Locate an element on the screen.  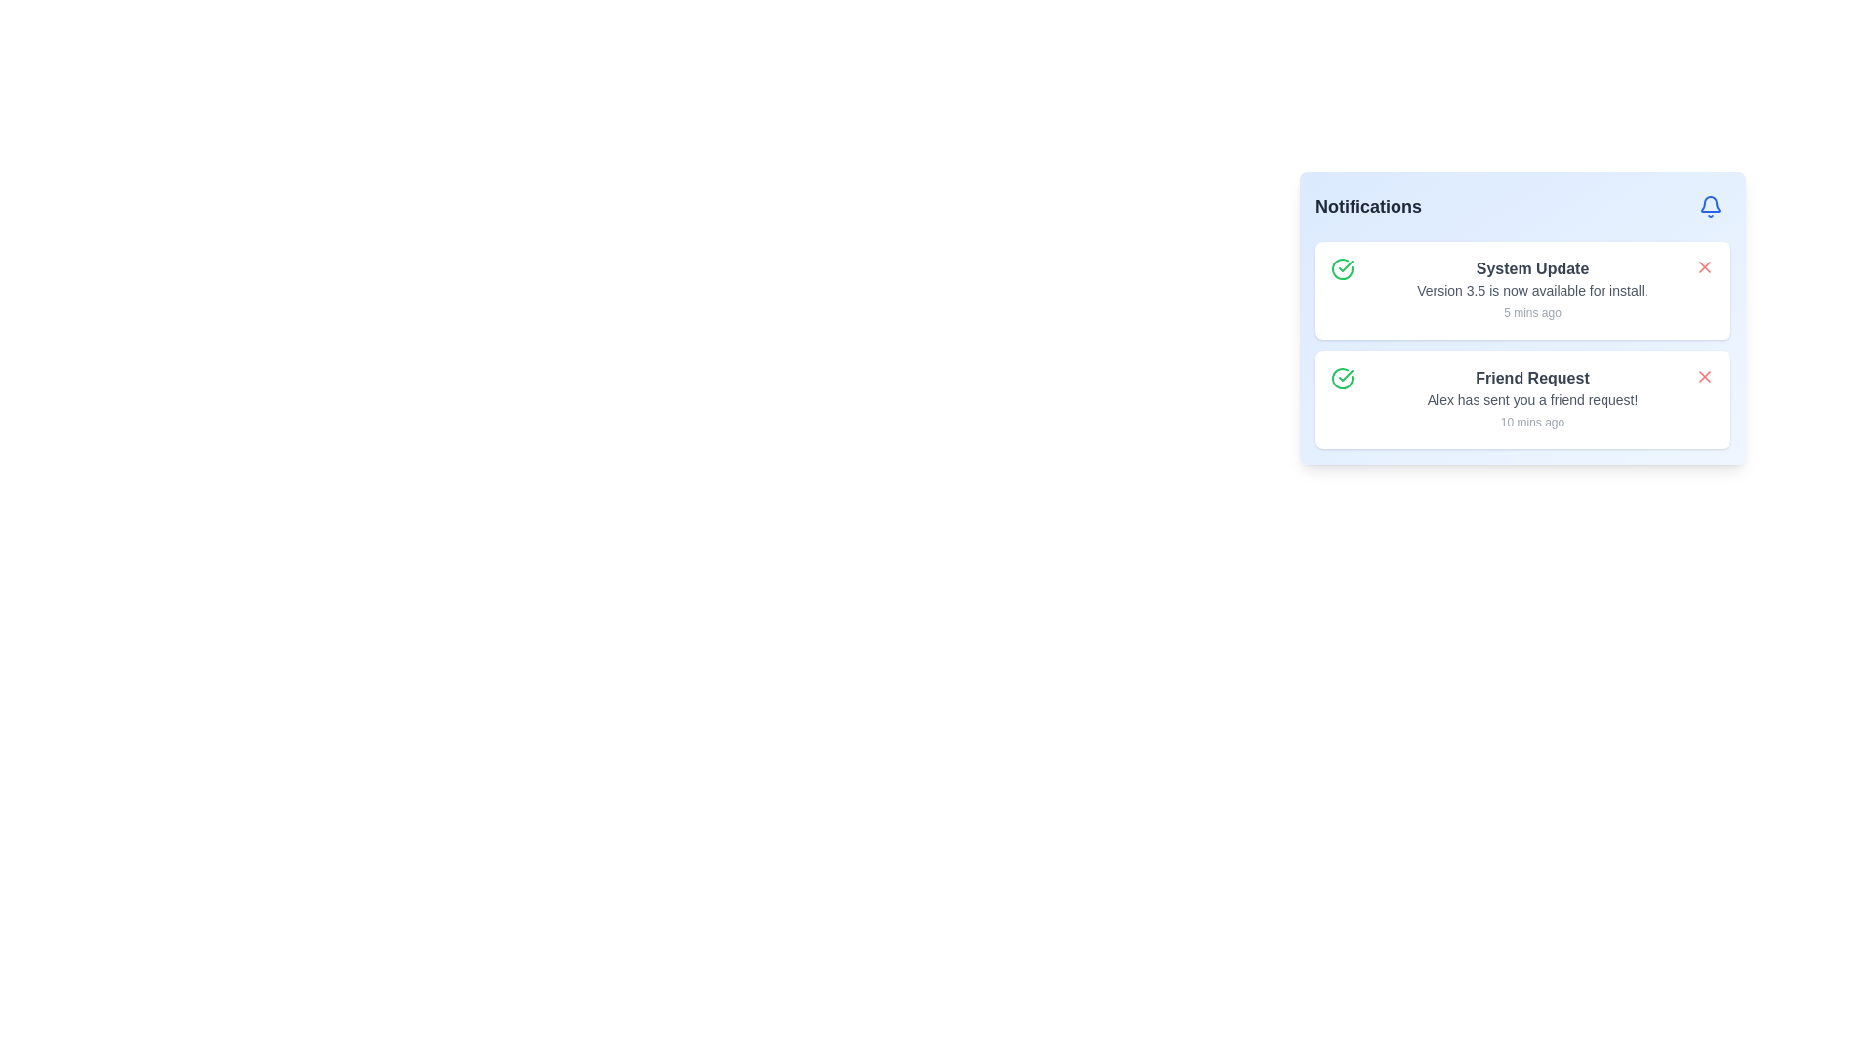
the red 'X' icon button is located at coordinates (1704, 376).